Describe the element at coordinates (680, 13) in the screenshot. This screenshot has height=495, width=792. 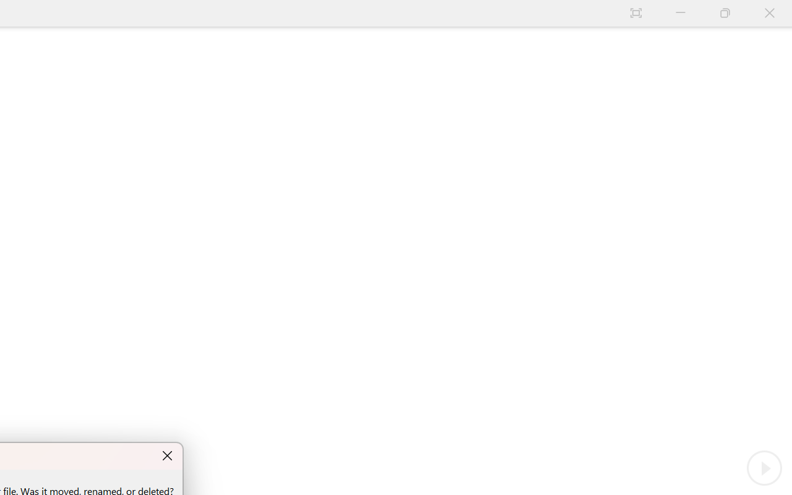
I see `'Minimize'` at that location.